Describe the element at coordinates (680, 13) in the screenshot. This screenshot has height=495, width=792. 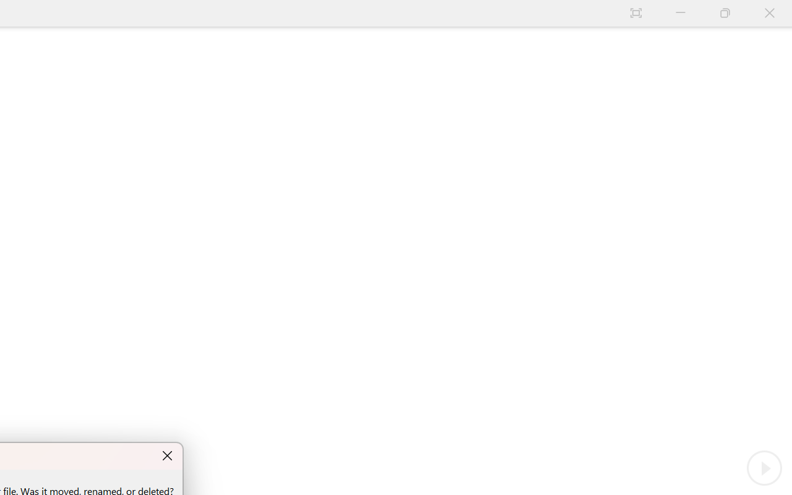
I see `'Minimize'` at that location.